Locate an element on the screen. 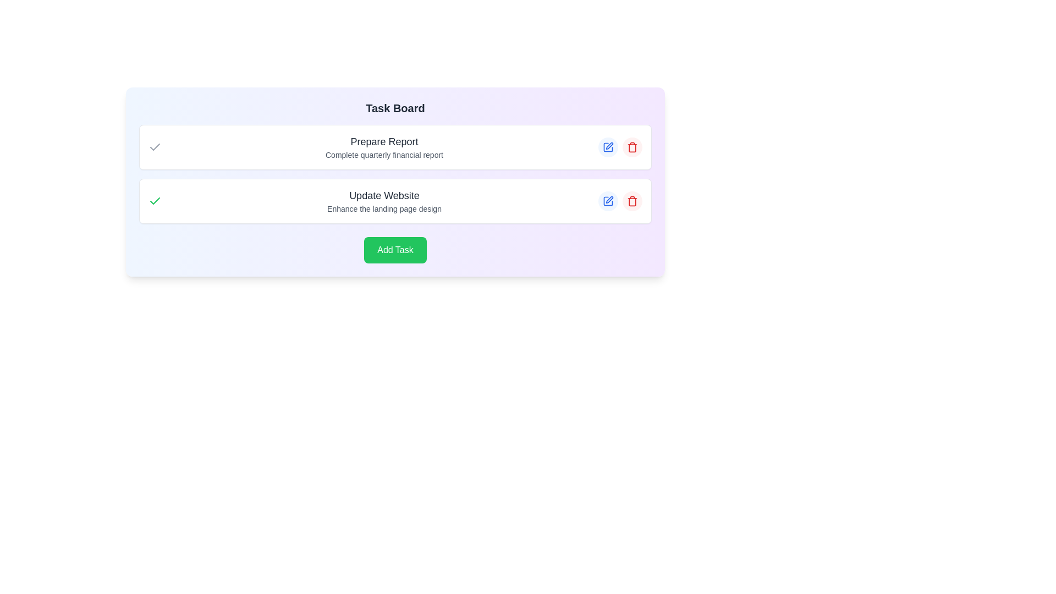  the delete button located at the far right of the task row labeled 'Update Website' is located at coordinates (632, 201).